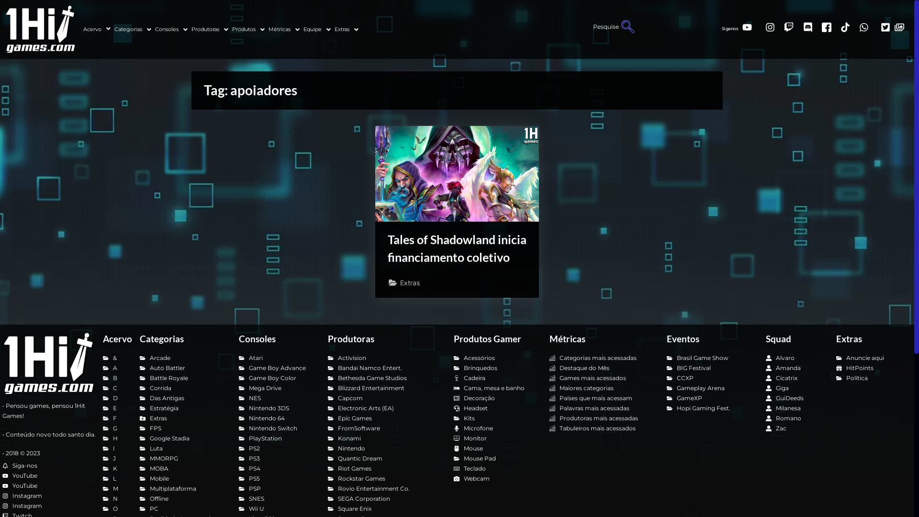 Image resolution: width=919 pixels, height=517 pixels. I want to click on 'Arcade', so click(184, 358).